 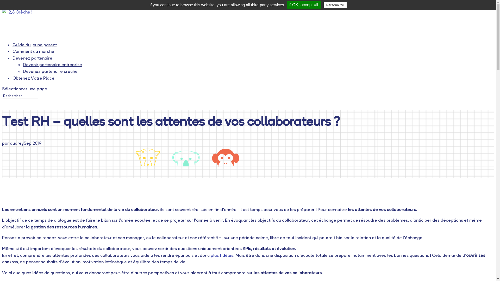 I want to click on 'audrey', so click(x=17, y=143).